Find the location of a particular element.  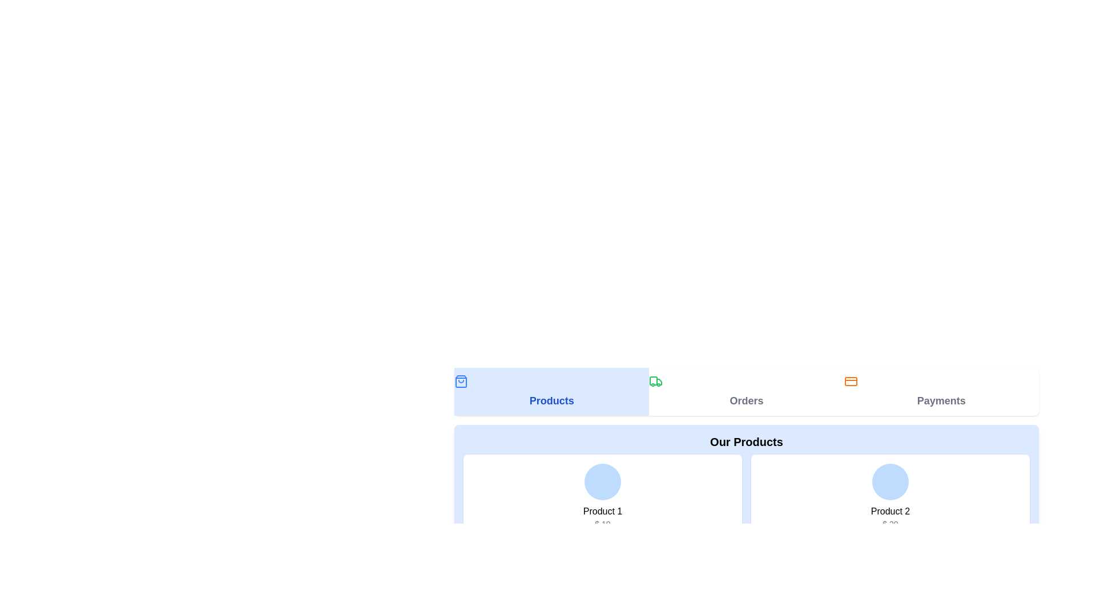

the 'Orders' text label to change its color from gray to blue is located at coordinates (746, 400).